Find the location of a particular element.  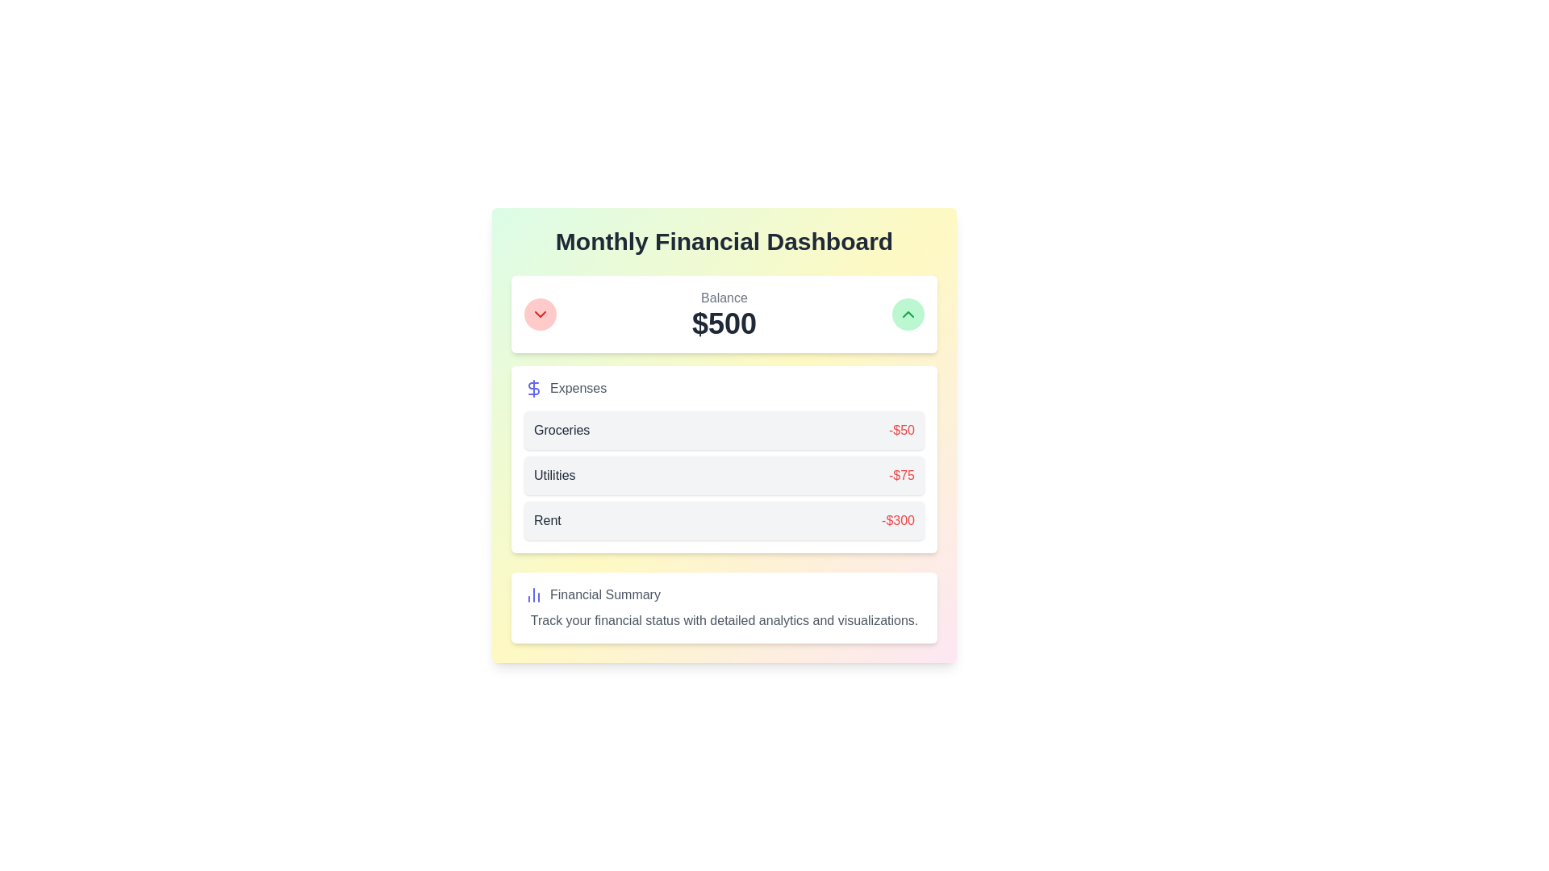

the 'Balance' label, which is styled in gray and positioned above the '$500' text in the financial dashboard is located at coordinates (723, 298).